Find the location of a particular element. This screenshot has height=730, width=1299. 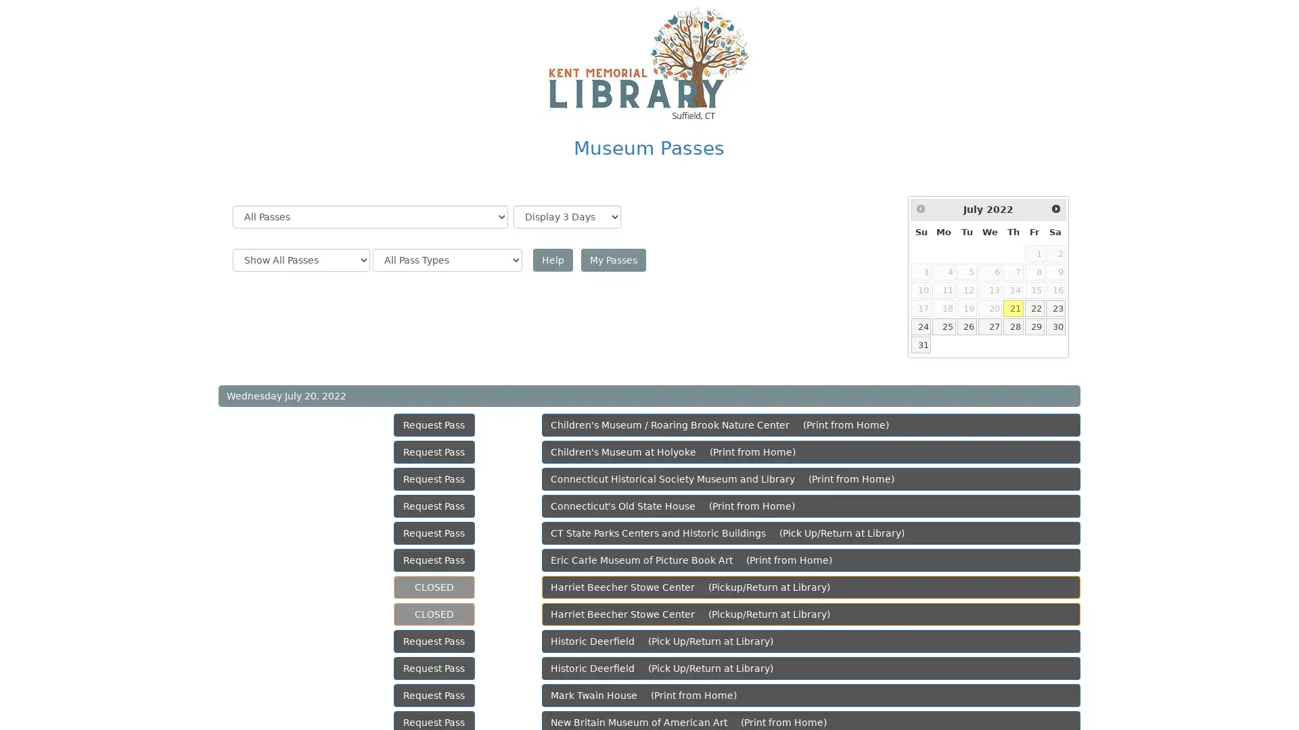

Mark Twain House     (Print from Home) is located at coordinates (811, 696).